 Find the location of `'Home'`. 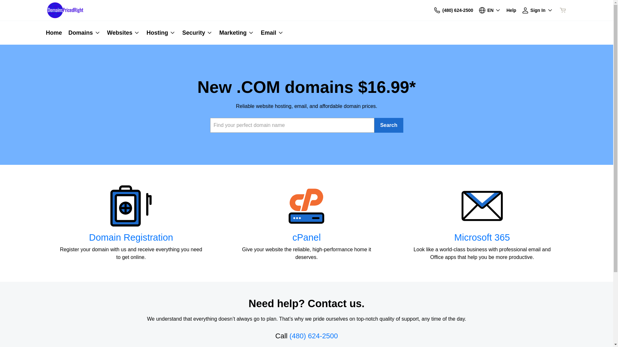

'Home' is located at coordinates (45, 32).